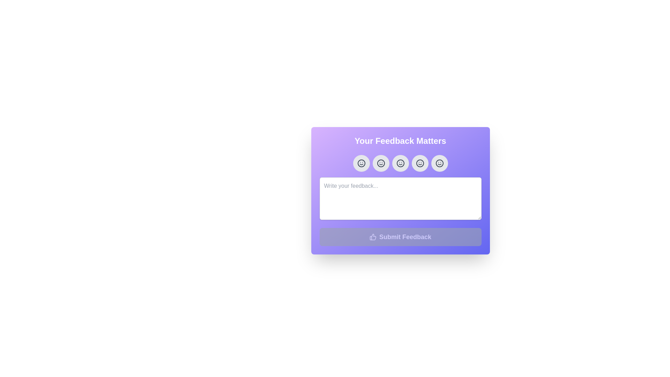 The height and width of the screenshot is (377, 670). I want to click on the central circle (nose) of the smiley face icon located in the fifth position among horizontally aligned smiley icons in the feedback interface, so click(439, 163).